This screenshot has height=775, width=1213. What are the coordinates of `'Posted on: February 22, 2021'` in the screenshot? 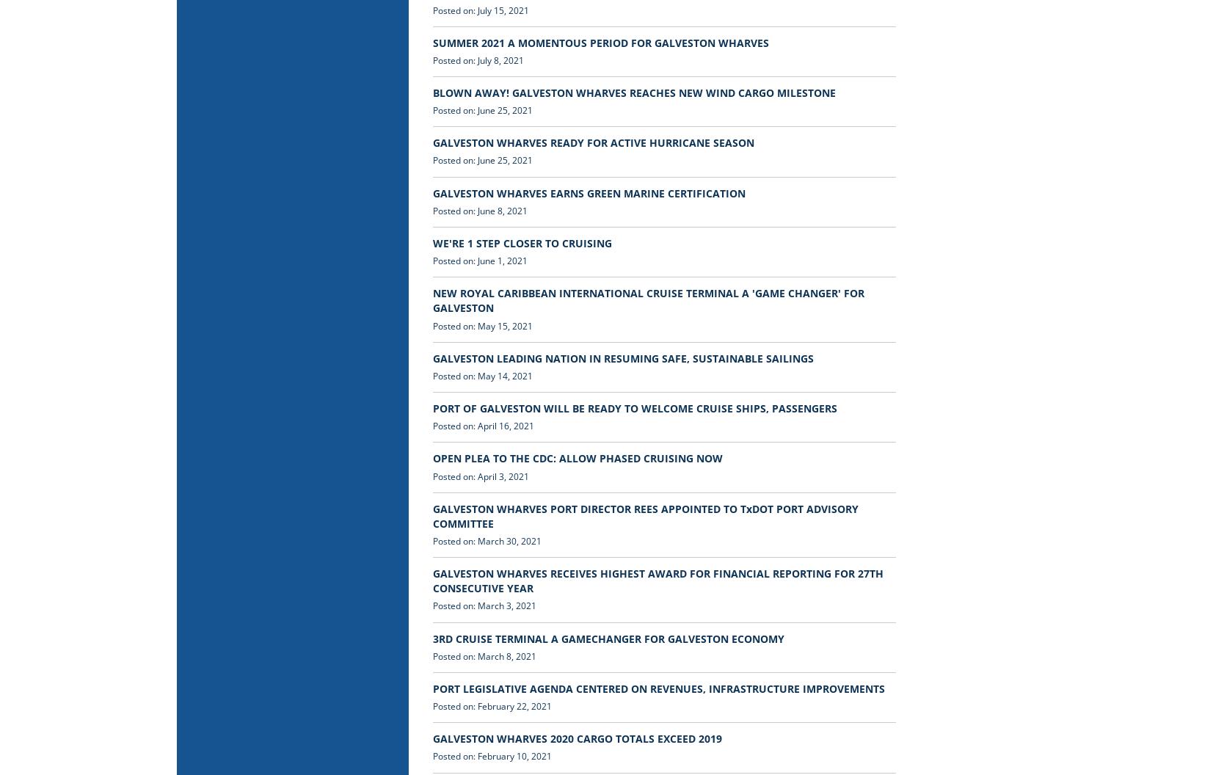 It's located at (431, 706).